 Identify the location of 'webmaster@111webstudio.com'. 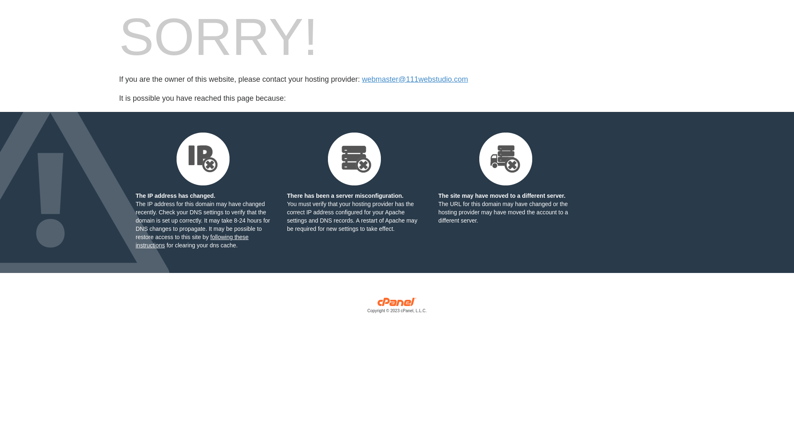
(361, 79).